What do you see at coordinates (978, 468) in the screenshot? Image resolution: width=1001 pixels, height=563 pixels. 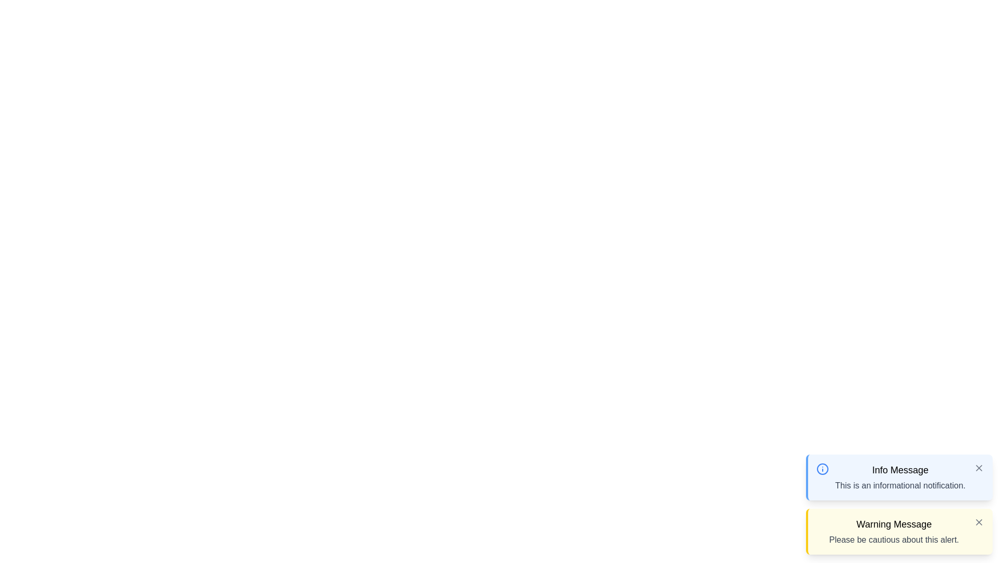 I see `the close button of the notification box, which is located at the far-right side next to the text content, to observe a color change indicating interactivity` at bounding box center [978, 468].